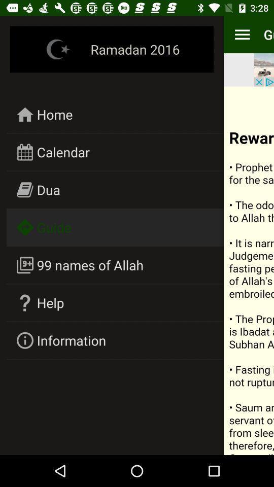 The image size is (274, 487). I want to click on the item to the right of 99 names of, so click(248, 270).